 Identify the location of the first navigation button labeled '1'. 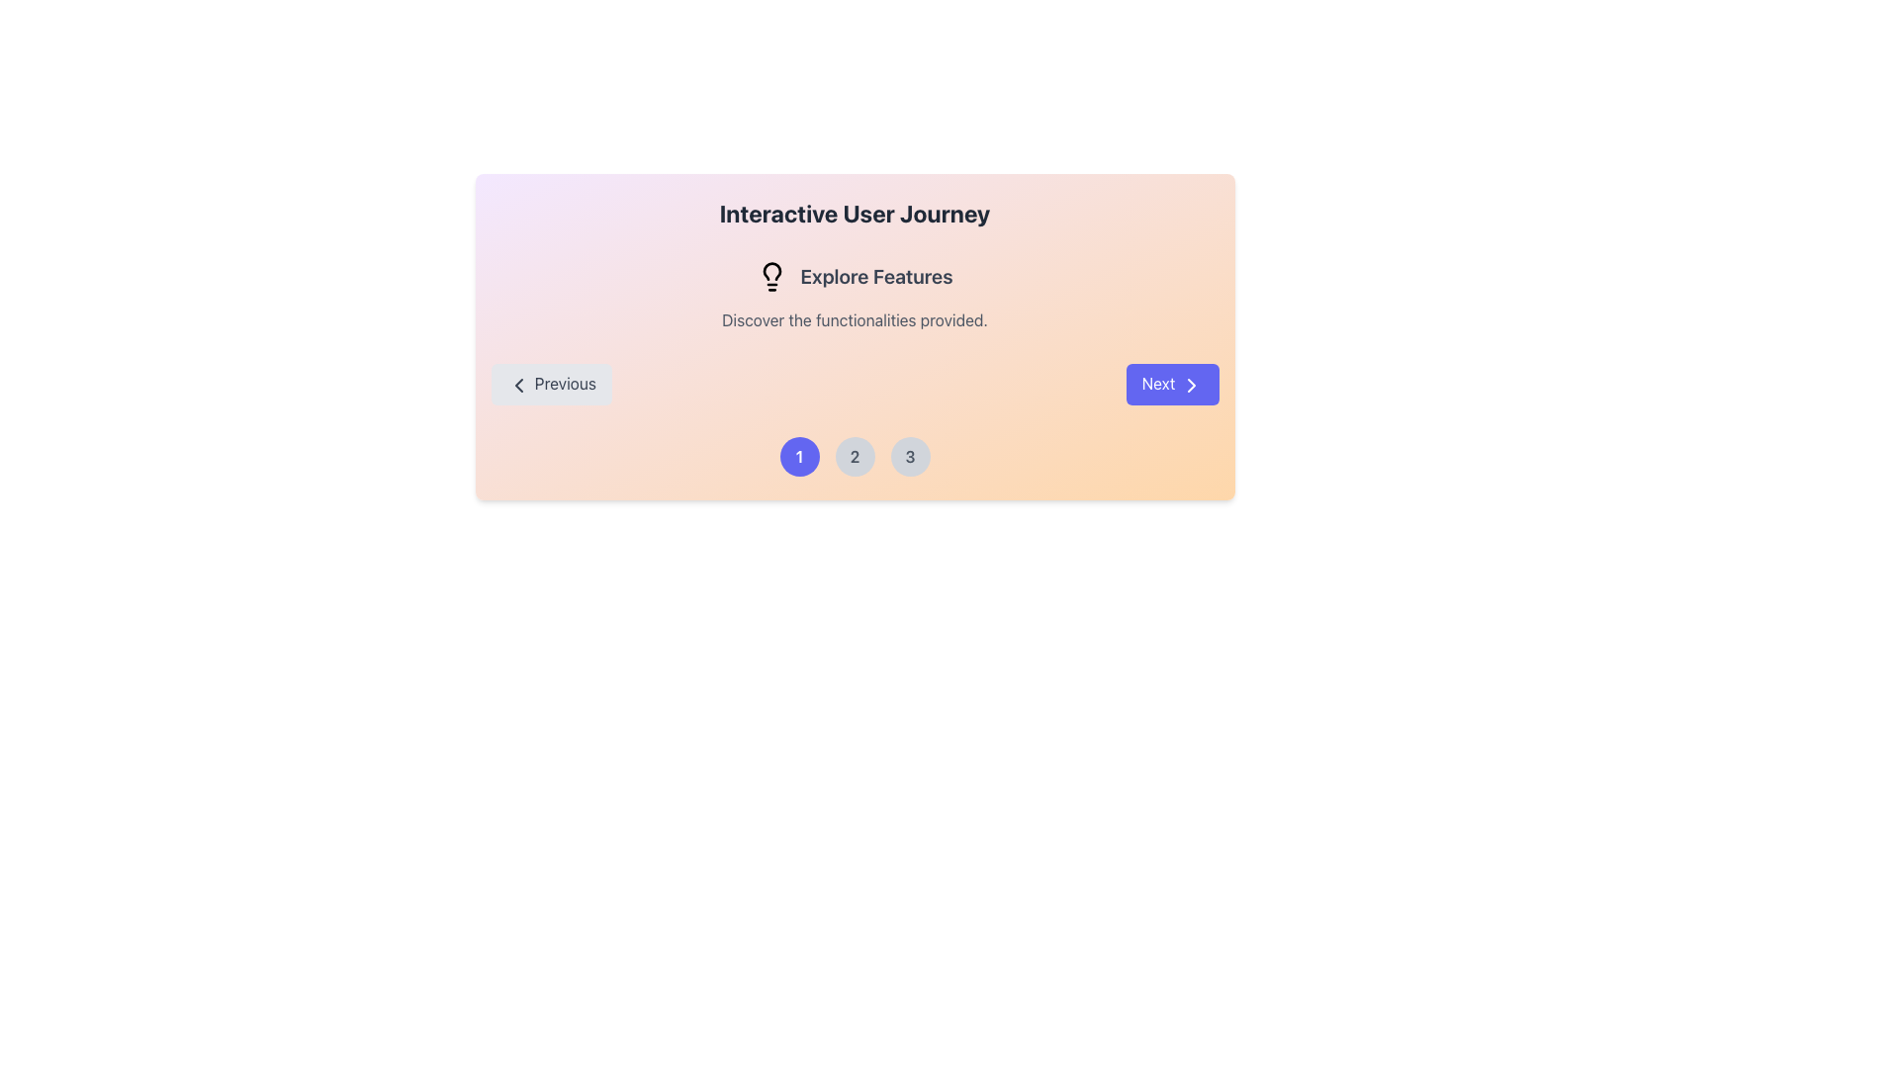
(799, 456).